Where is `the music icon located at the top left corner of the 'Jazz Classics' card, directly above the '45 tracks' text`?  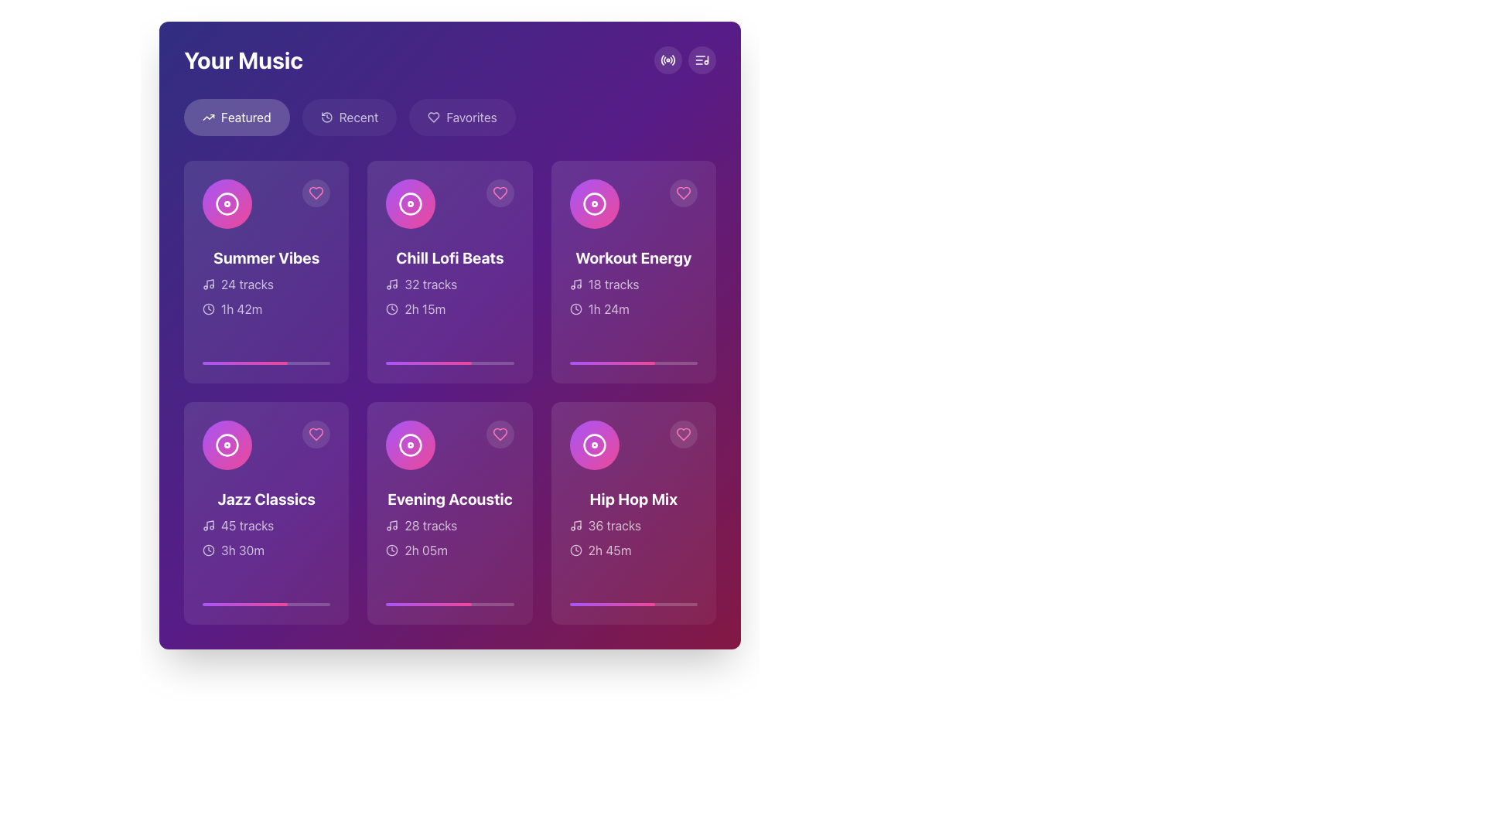 the music icon located at the top left corner of the 'Jazz Classics' card, directly above the '45 tracks' text is located at coordinates (207, 524).